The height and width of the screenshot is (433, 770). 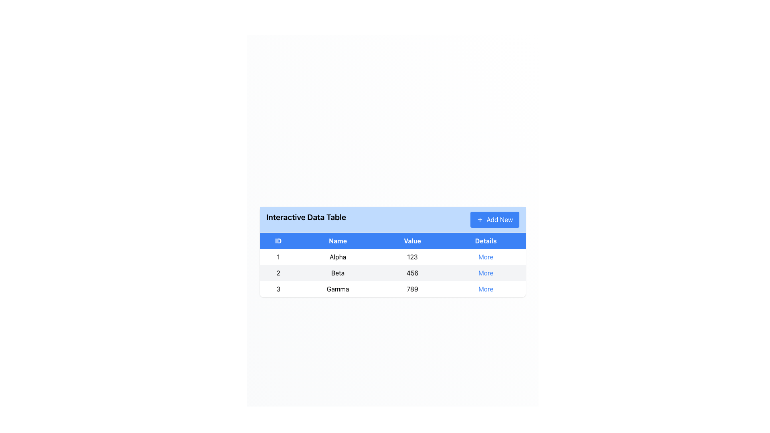 What do you see at coordinates (338, 257) in the screenshot?
I see `the Text Label element that displays the name or identifier, located in the second position of its row within the data table, between the cell with value '1' and the cell with value '123'` at bounding box center [338, 257].